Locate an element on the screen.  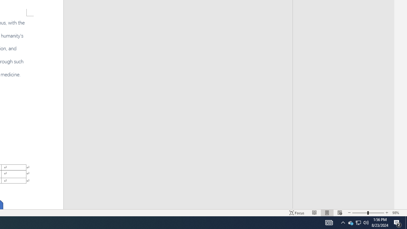
'Zoom Out' is located at coordinates (360, 213).